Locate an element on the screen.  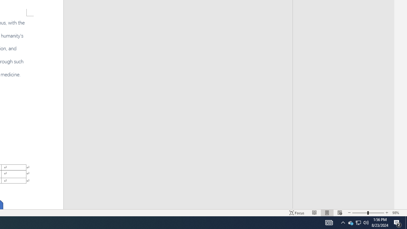
'Zoom Out' is located at coordinates (360, 213).